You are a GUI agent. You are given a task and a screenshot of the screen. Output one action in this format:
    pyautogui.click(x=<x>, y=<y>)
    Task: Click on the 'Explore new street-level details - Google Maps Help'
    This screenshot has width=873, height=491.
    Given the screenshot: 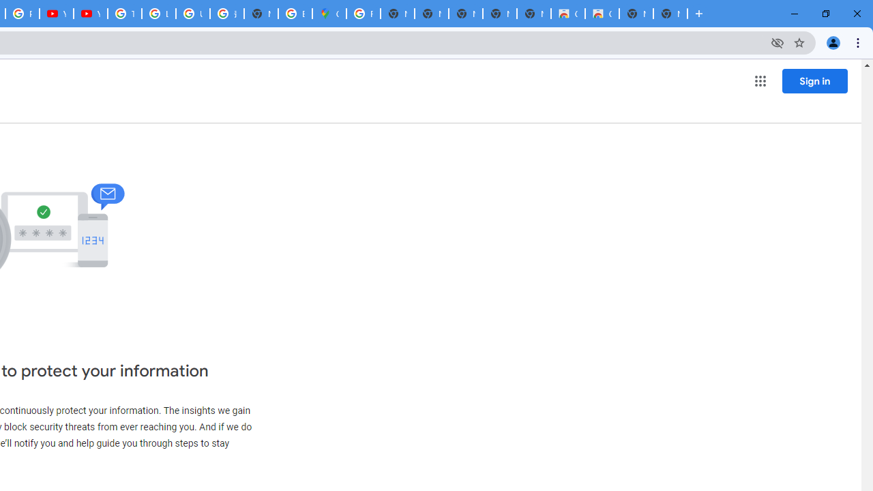 What is the action you would take?
    pyautogui.click(x=295, y=14)
    